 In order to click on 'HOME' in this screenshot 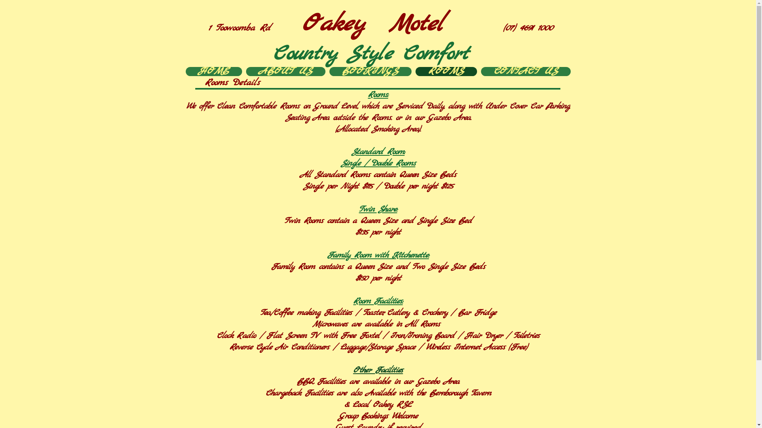, I will do `click(214, 71)`.